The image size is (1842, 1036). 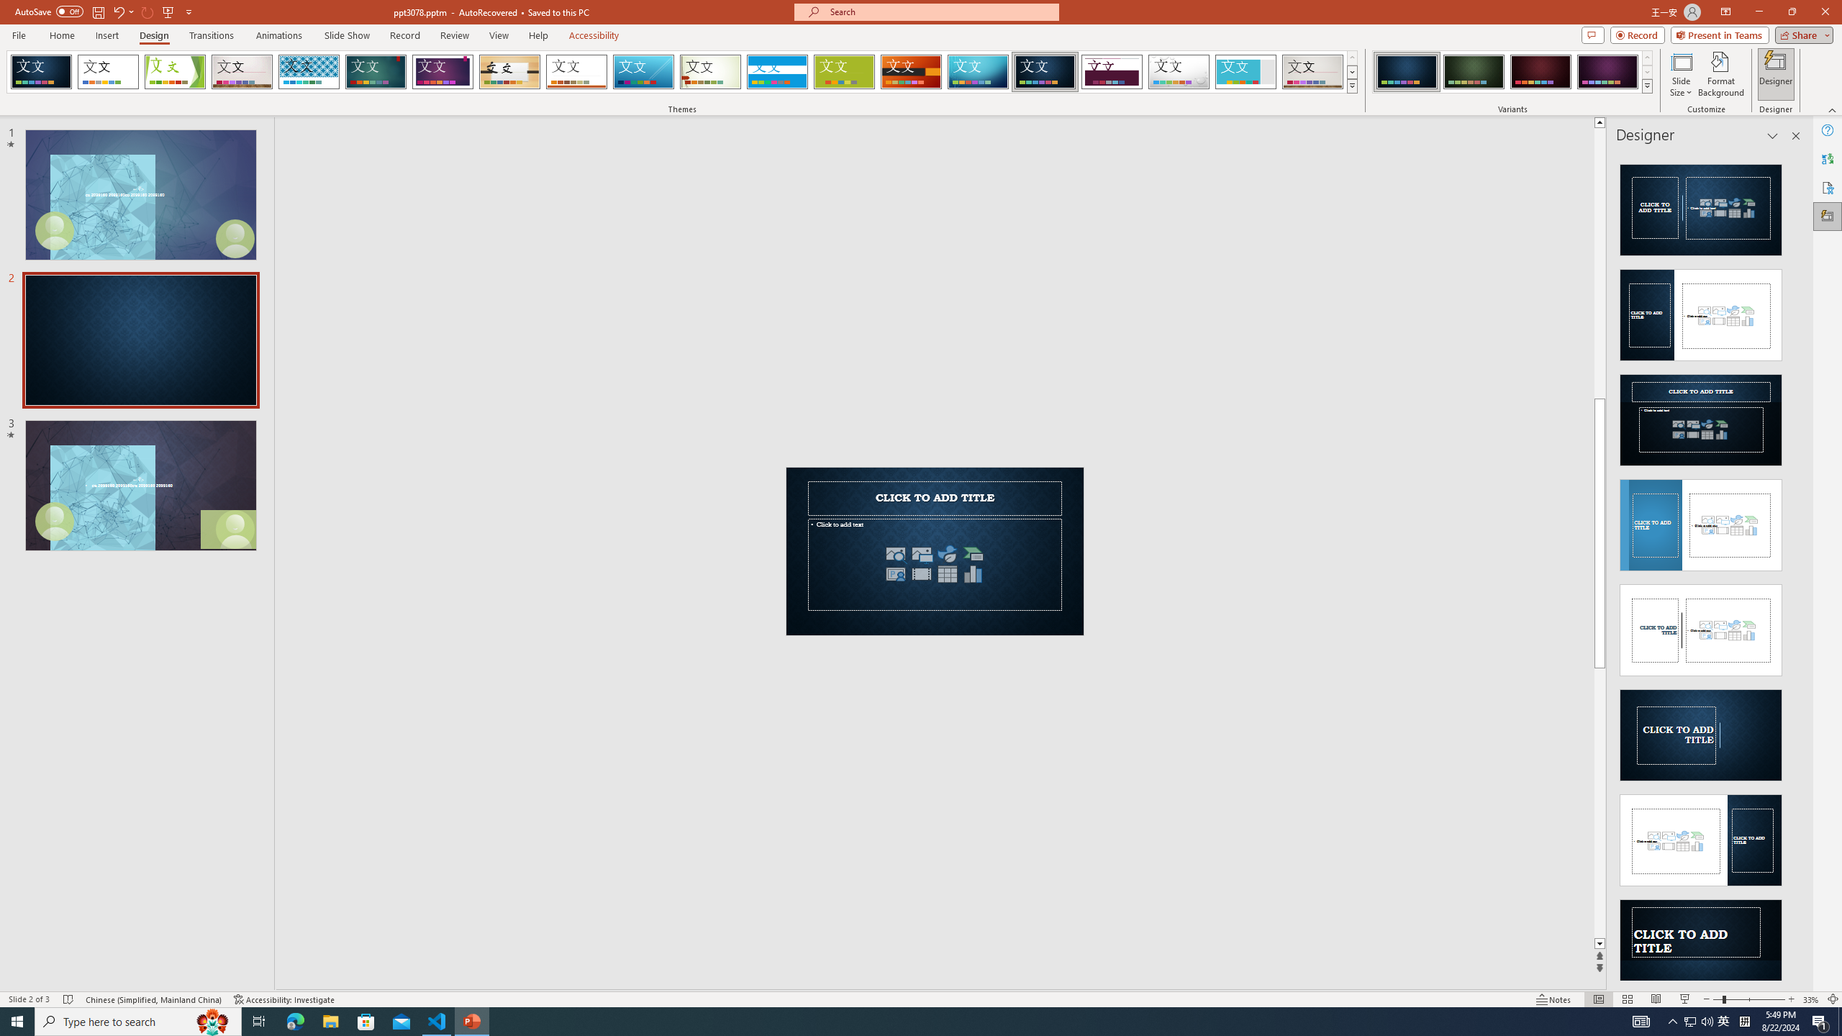 What do you see at coordinates (681, 71) in the screenshot?
I see `'AutomationID: SlideThemesGallery'` at bounding box center [681, 71].